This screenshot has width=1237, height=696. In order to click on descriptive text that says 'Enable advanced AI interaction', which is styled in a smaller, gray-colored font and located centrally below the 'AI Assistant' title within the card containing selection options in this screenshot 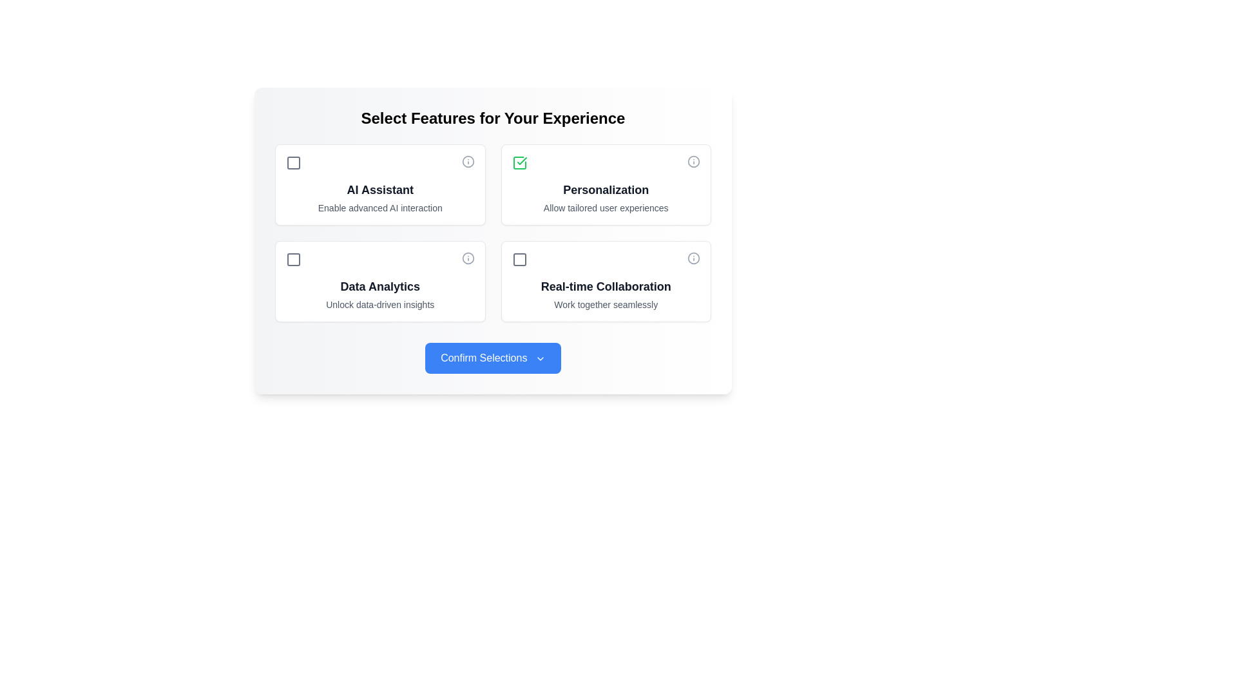, I will do `click(379, 208)`.